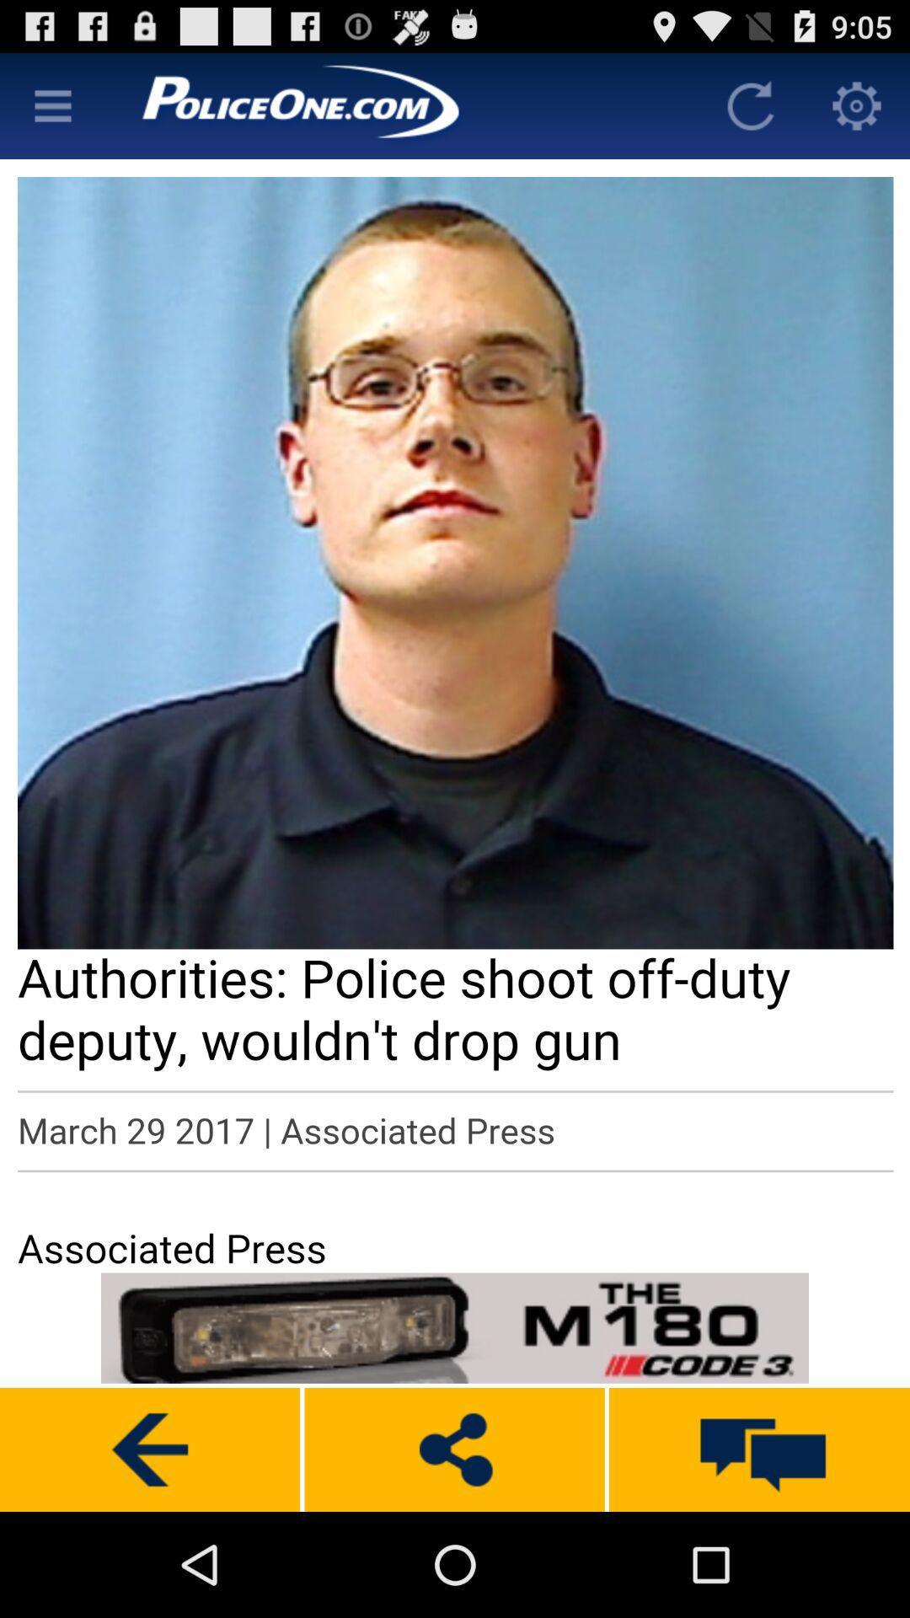 This screenshot has height=1618, width=910. What do you see at coordinates (750, 104) in the screenshot?
I see `refresh` at bounding box center [750, 104].